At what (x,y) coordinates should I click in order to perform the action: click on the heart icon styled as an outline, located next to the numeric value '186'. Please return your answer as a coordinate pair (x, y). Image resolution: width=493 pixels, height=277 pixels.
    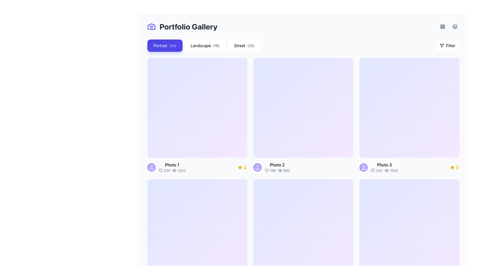
    Looking at the image, I should click on (267, 171).